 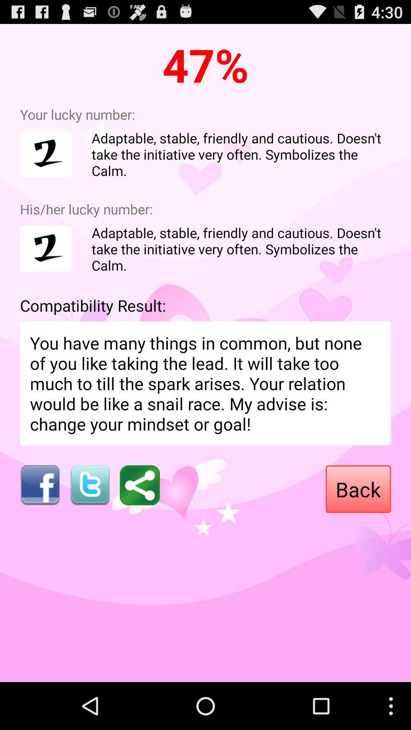 What do you see at coordinates (40, 485) in the screenshot?
I see `facebook` at bounding box center [40, 485].